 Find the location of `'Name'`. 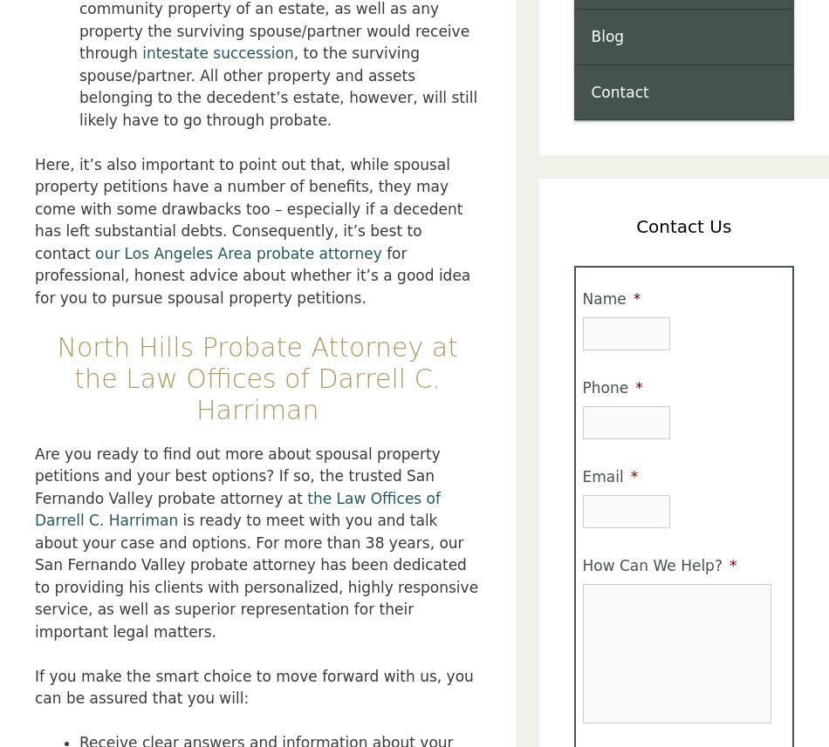

'Name' is located at coordinates (603, 298).